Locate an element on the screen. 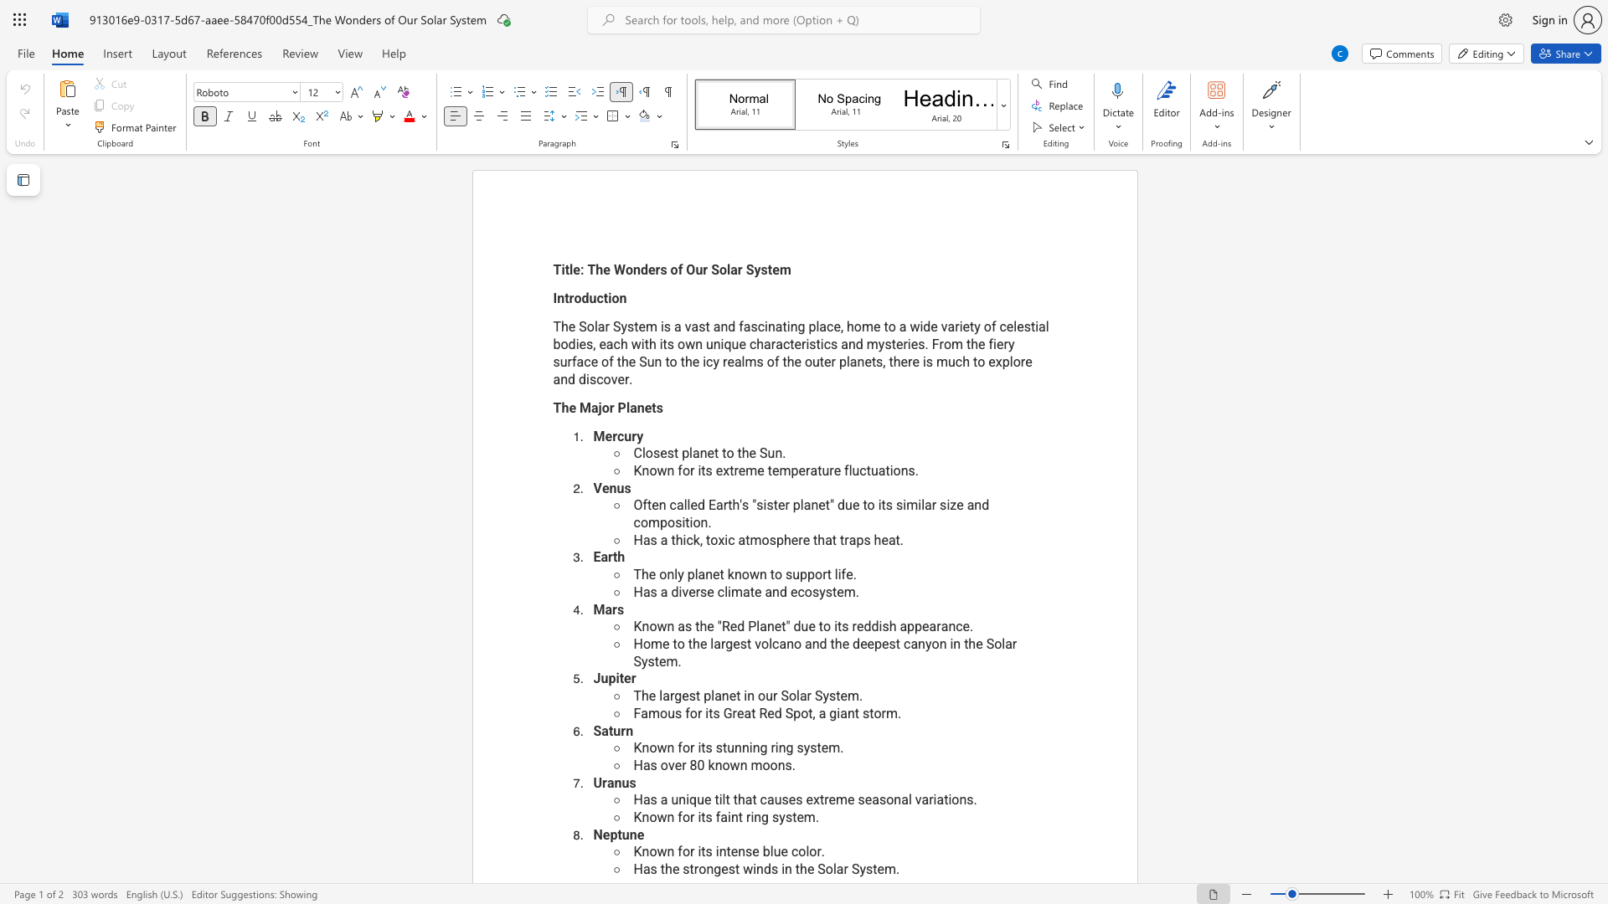 The height and width of the screenshot is (904, 1608). the subset text "tem" within the text "Has a diverse climate and ecosystem." is located at coordinates (832, 591).